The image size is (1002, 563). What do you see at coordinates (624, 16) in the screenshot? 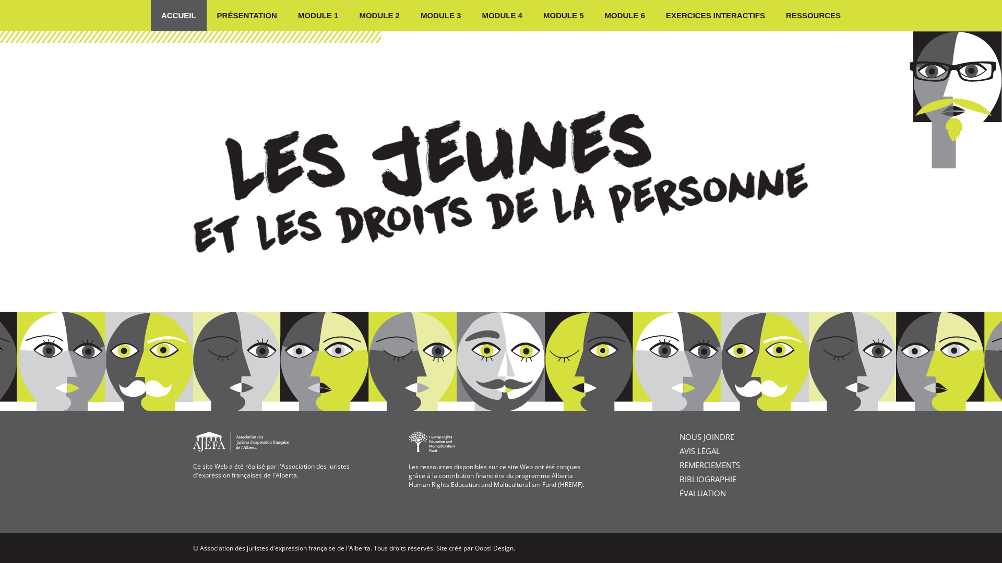
I see `'MODULE 6'` at bounding box center [624, 16].